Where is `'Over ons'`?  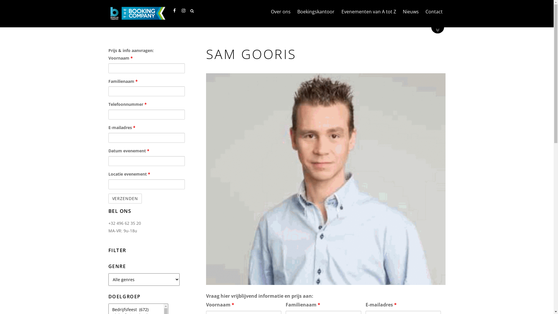 'Over ons' is located at coordinates (281, 12).